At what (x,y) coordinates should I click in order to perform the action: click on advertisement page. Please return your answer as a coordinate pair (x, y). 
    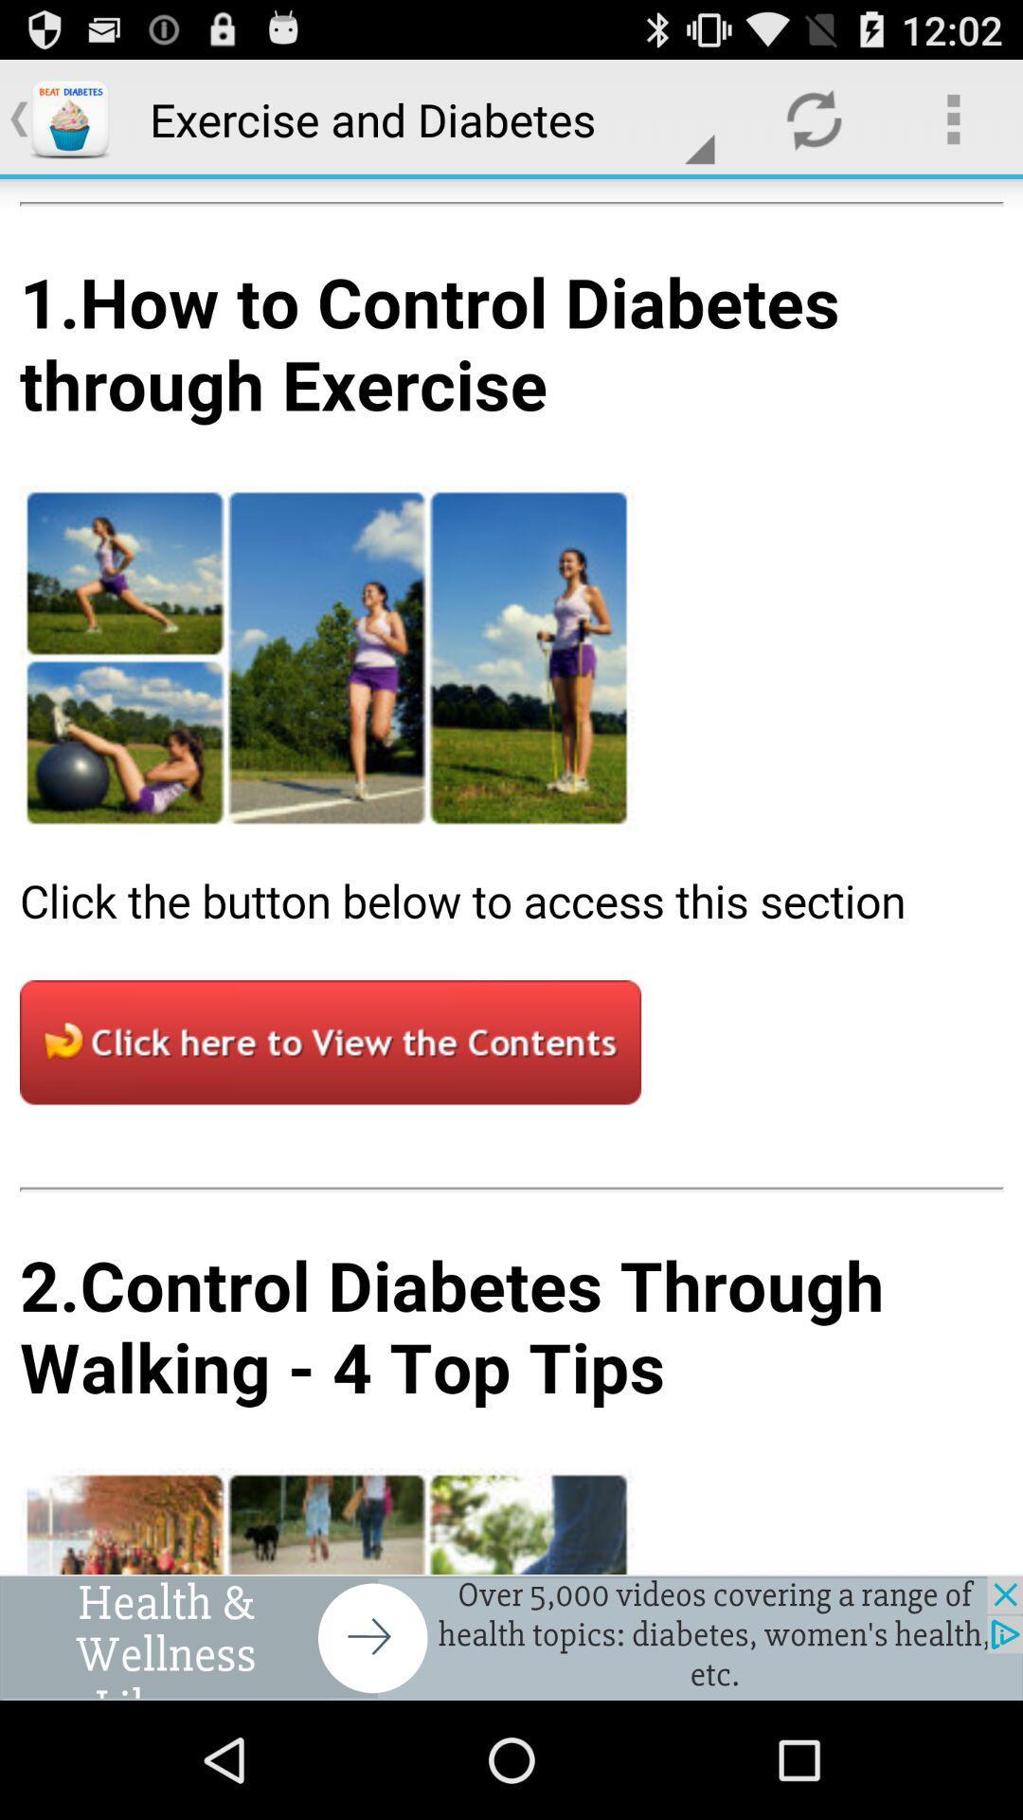
    Looking at the image, I should click on (511, 1637).